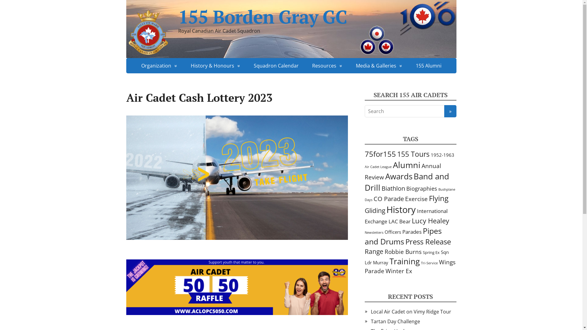 This screenshot has height=330, width=587. Describe the element at coordinates (393, 188) in the screenshot. I see `'Biathlon'` at that location.